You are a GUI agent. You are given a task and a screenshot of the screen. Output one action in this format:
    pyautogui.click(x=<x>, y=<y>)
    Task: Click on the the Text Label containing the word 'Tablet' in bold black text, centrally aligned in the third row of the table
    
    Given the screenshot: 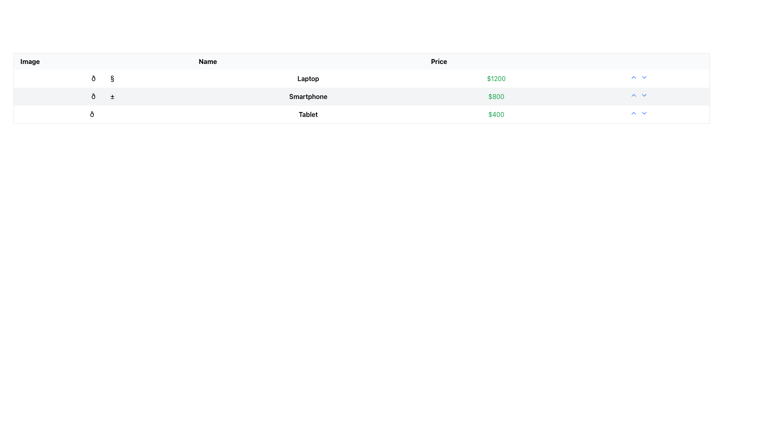 What is the action you would take?
    pyautogui.click(x=308, y=114)
    